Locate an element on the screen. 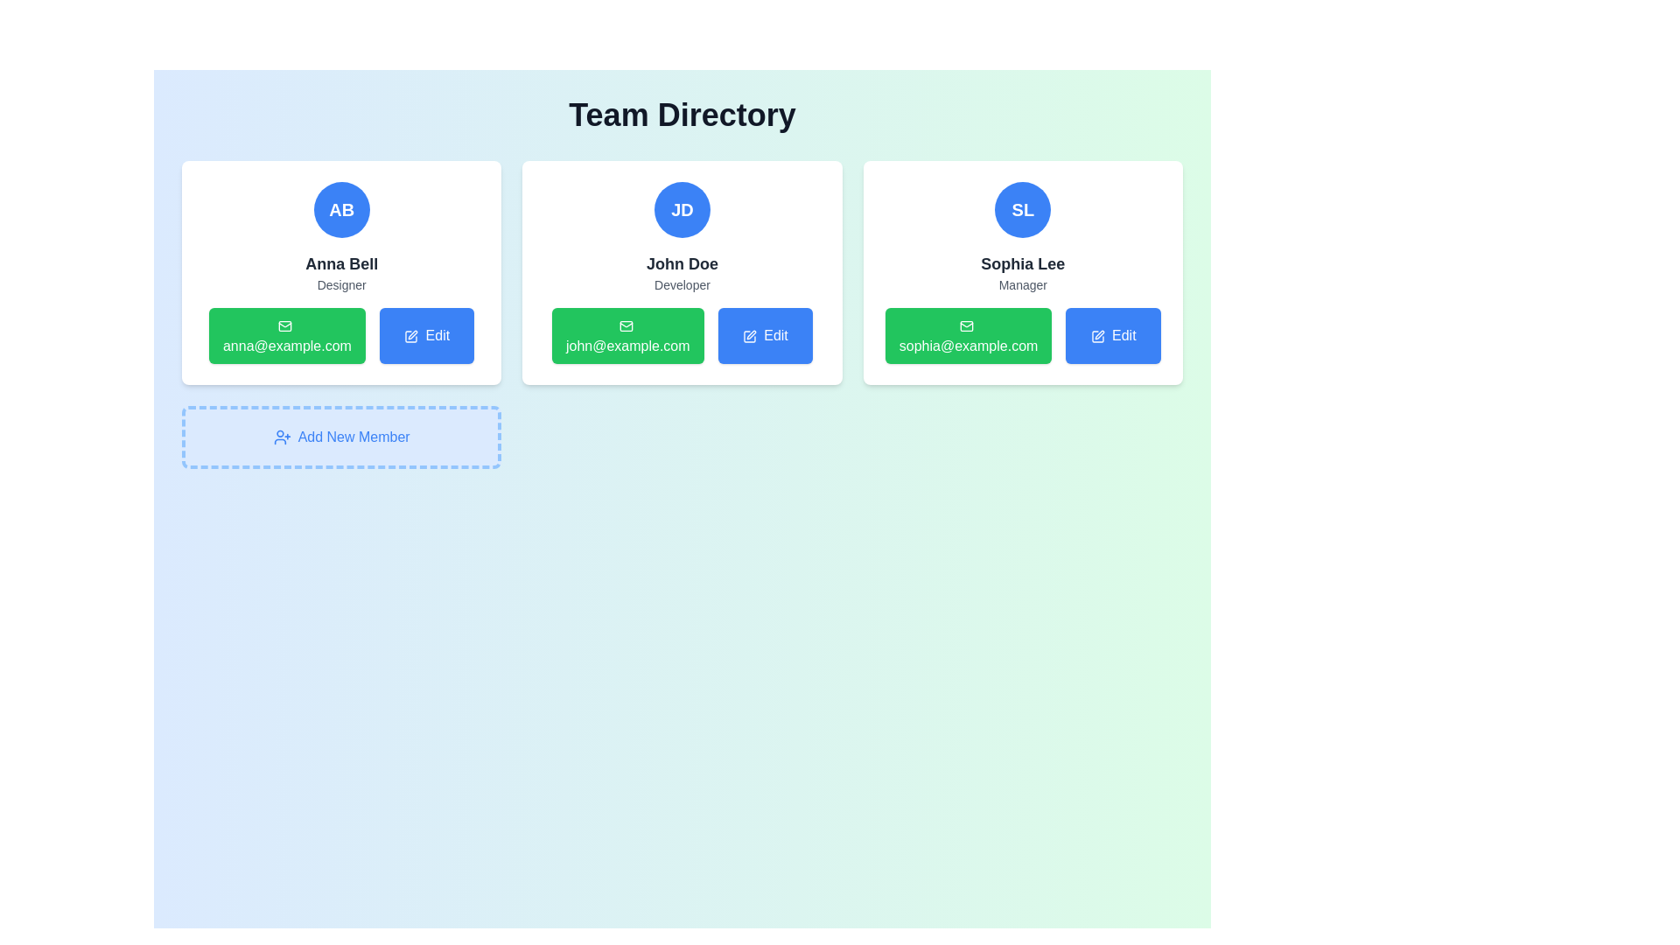 This screenshot has height=945, width=1680. the 'Edit' button with a blue background and white text, located in the profile card for 'Anna Bell' is located at coordinates (427, 336).